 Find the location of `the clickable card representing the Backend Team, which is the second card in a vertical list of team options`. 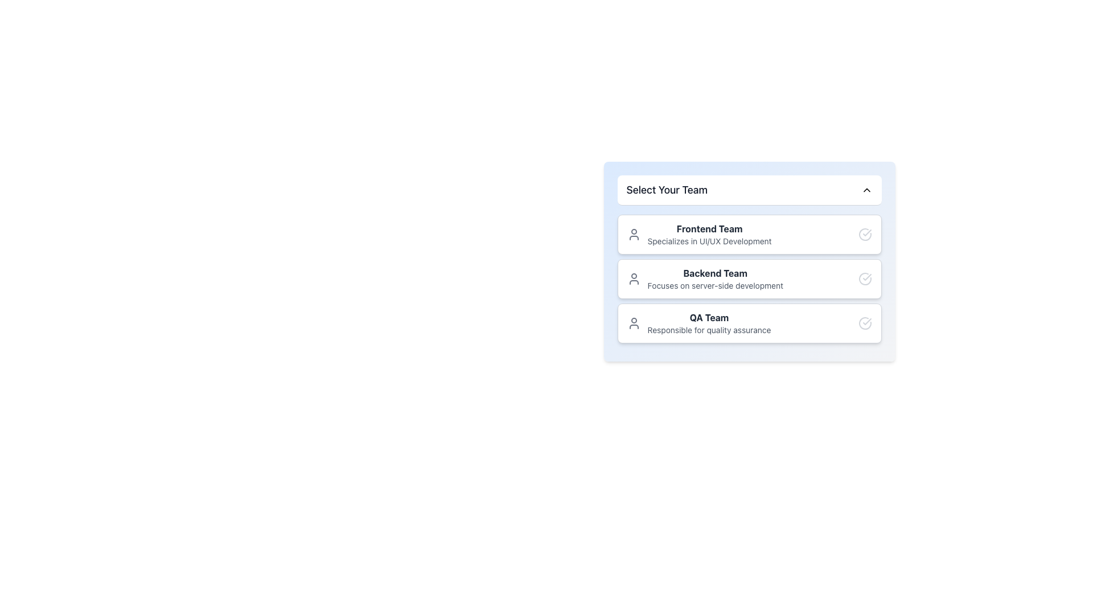

the clickable card representing the Backend Team, which is the second card in a vertical list of team options is located at coordinates (704, 278).